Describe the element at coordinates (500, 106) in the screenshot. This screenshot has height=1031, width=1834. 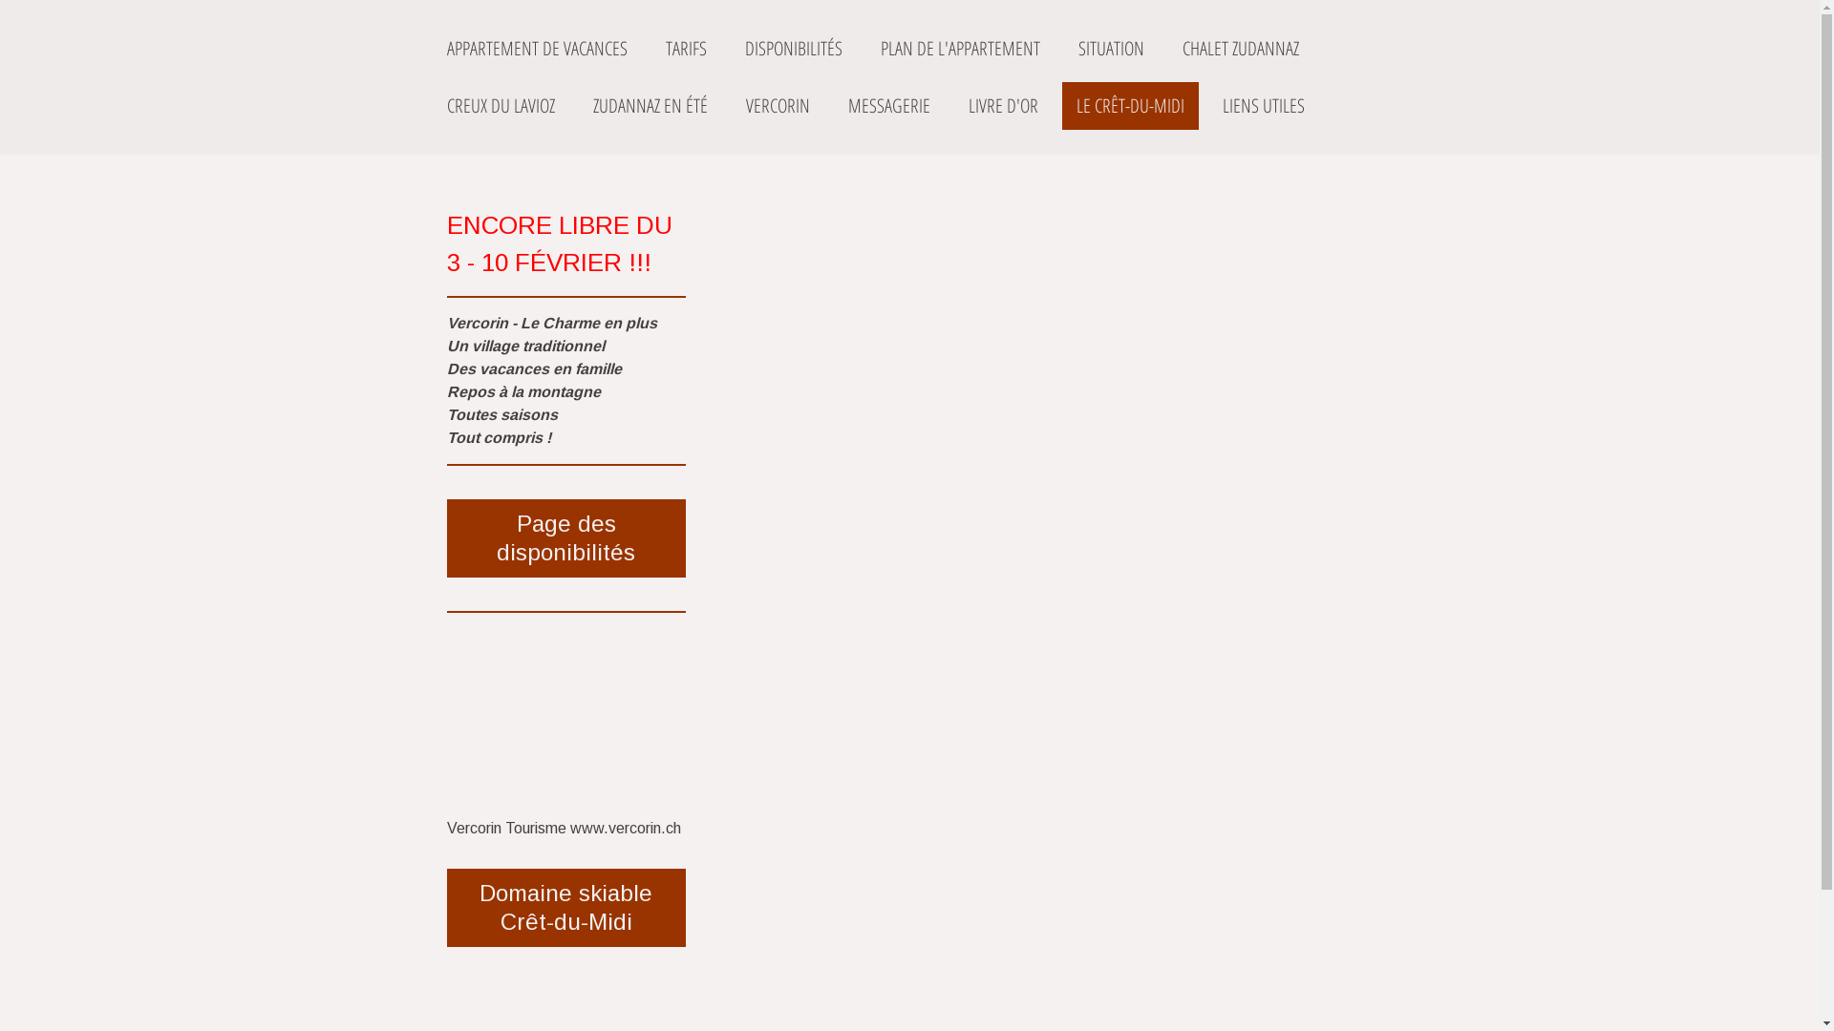
I see `'CREUX DU LAVIOZ'` at that location.